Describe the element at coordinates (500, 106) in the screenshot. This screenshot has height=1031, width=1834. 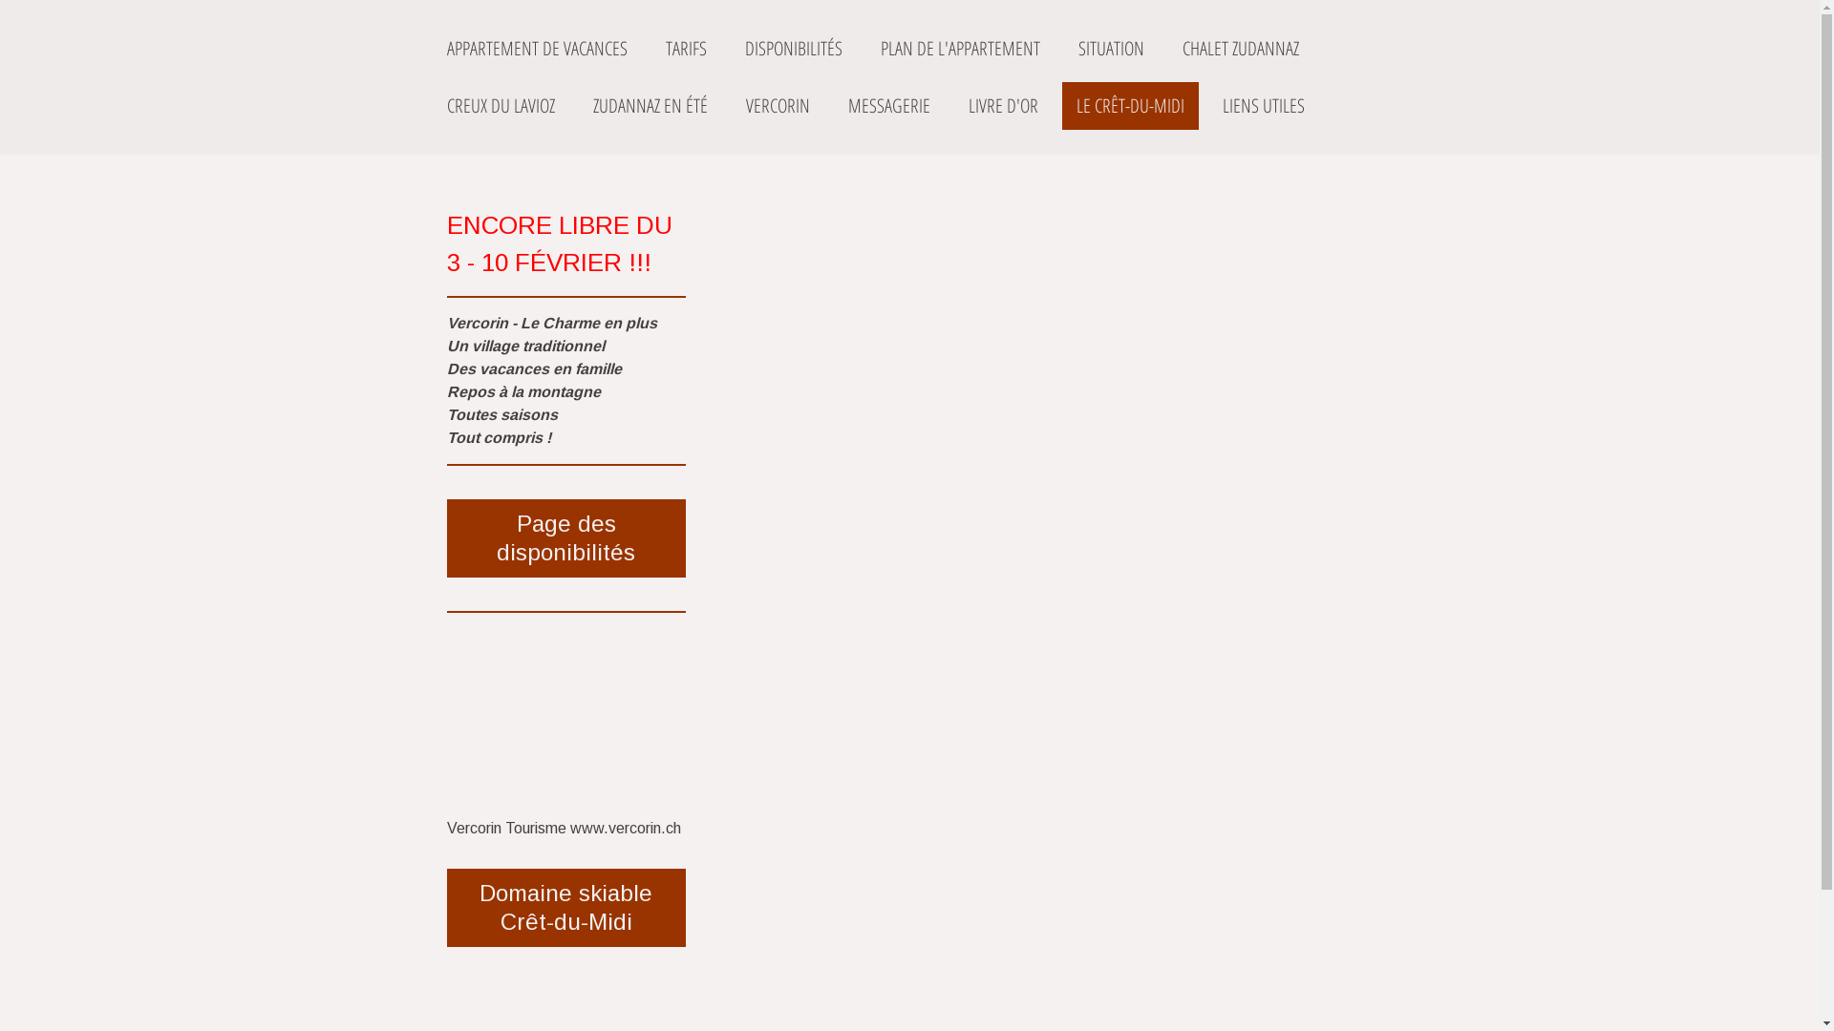
I see `'CREUX DU LAVIOZ'` at that location.